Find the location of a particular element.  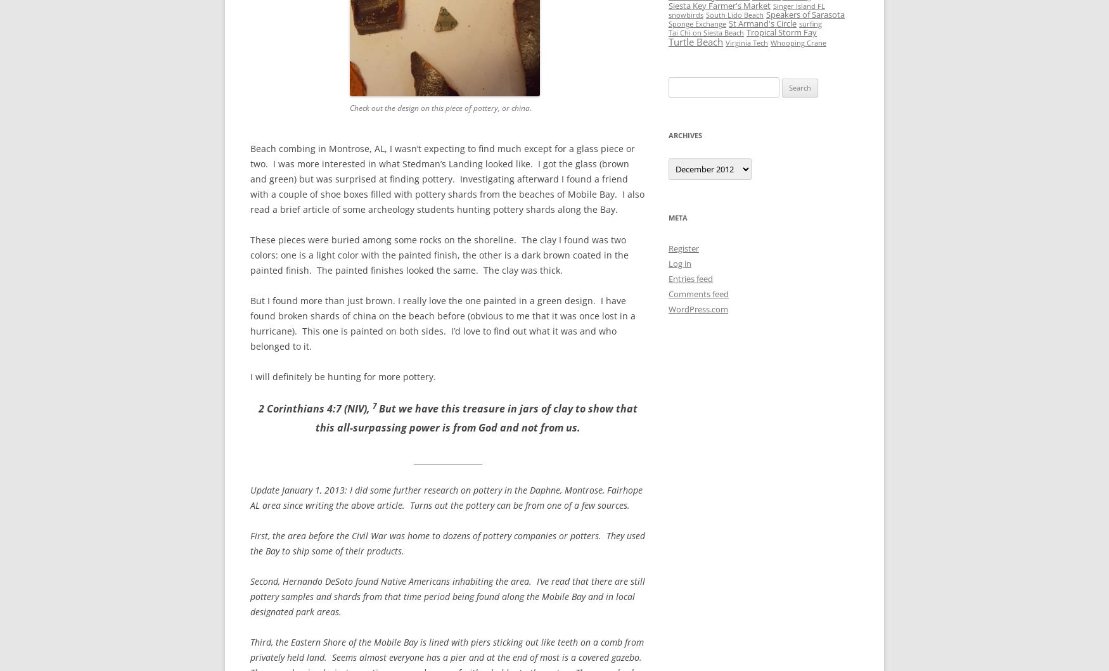

'Meta' is located at coordinates (668, 217).